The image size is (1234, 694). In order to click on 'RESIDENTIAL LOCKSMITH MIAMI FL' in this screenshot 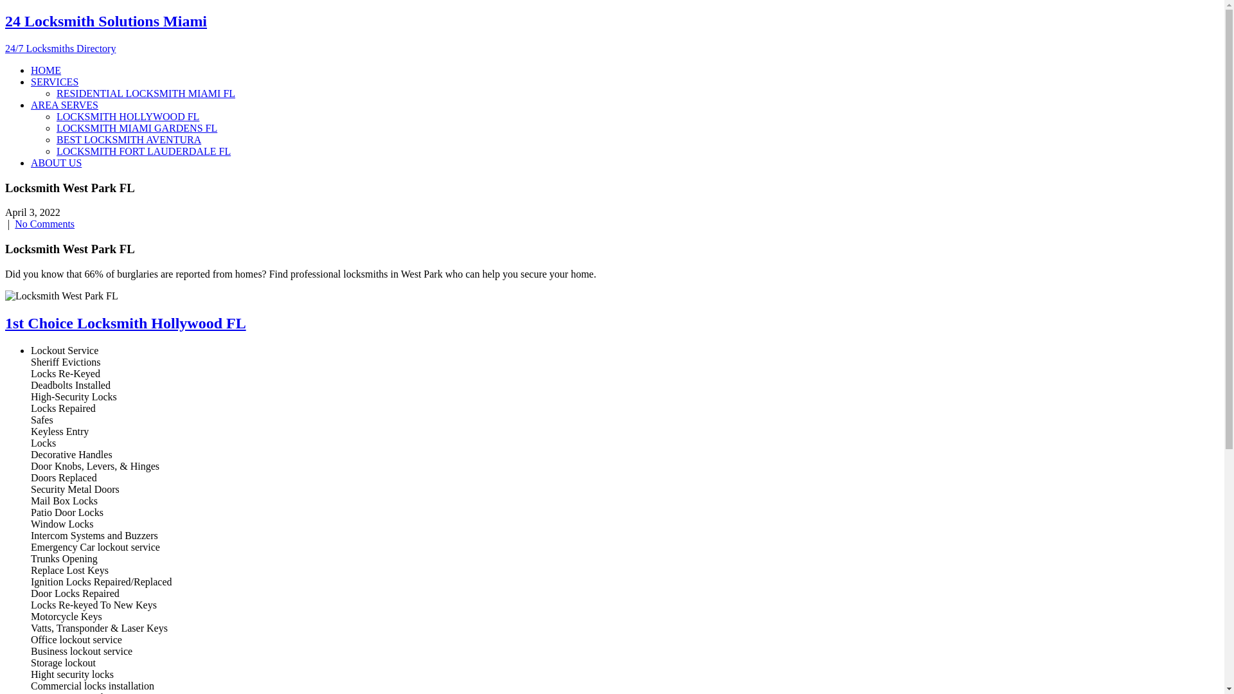, I will do `click(145, 93)`.